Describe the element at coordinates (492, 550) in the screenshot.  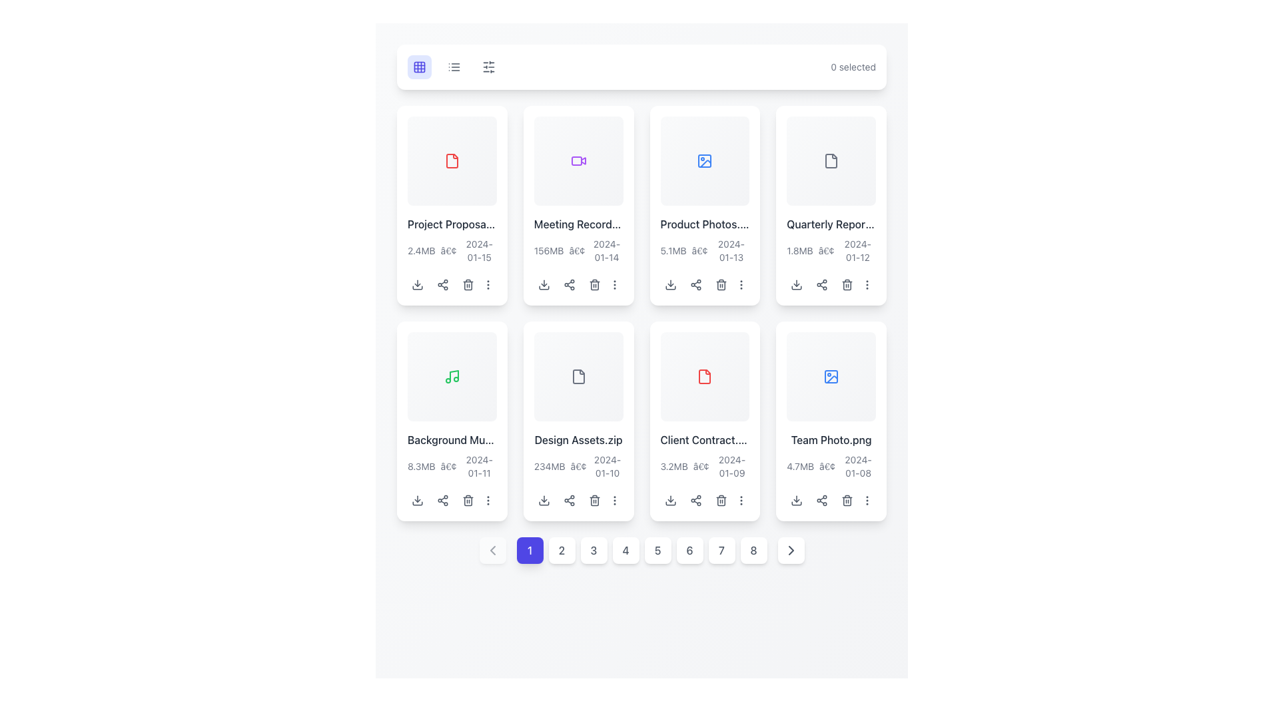
I see `the small rectangular button with a white background and a gray left-pointing chevron icon, located to the left of the pagination bar` at that location.